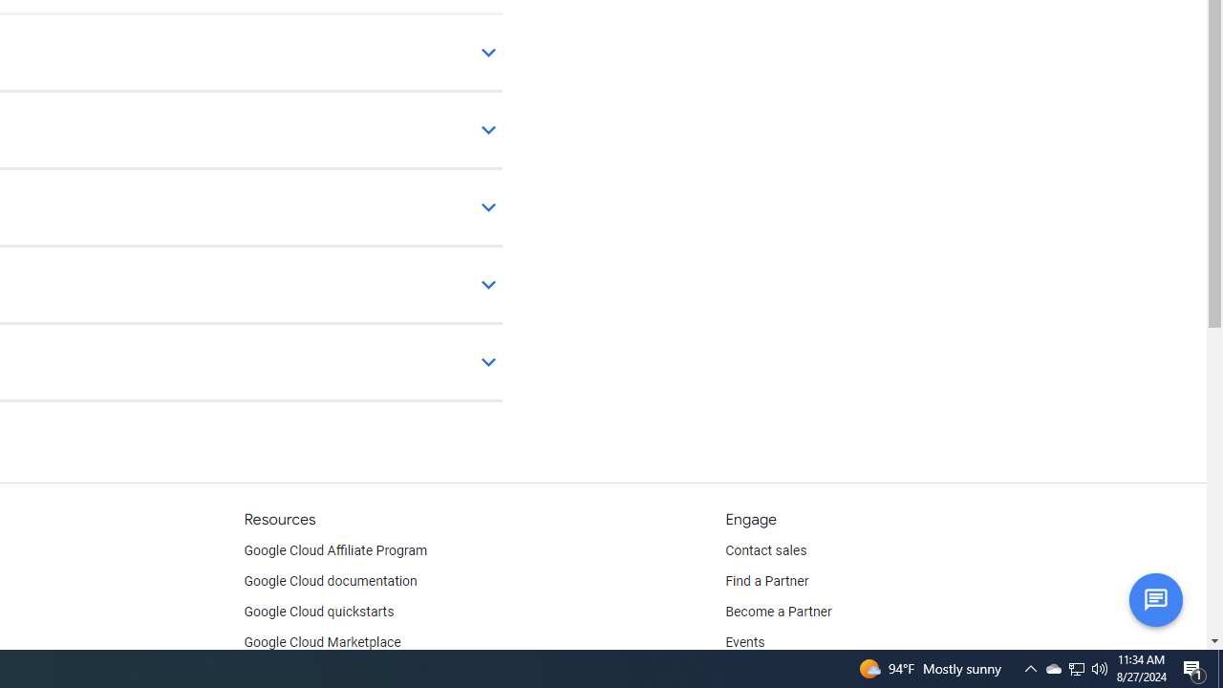 The image size is (1223, 688). Describe the element at coordinates (744, 642) in the screenshot. I see `'Events'` at that location.